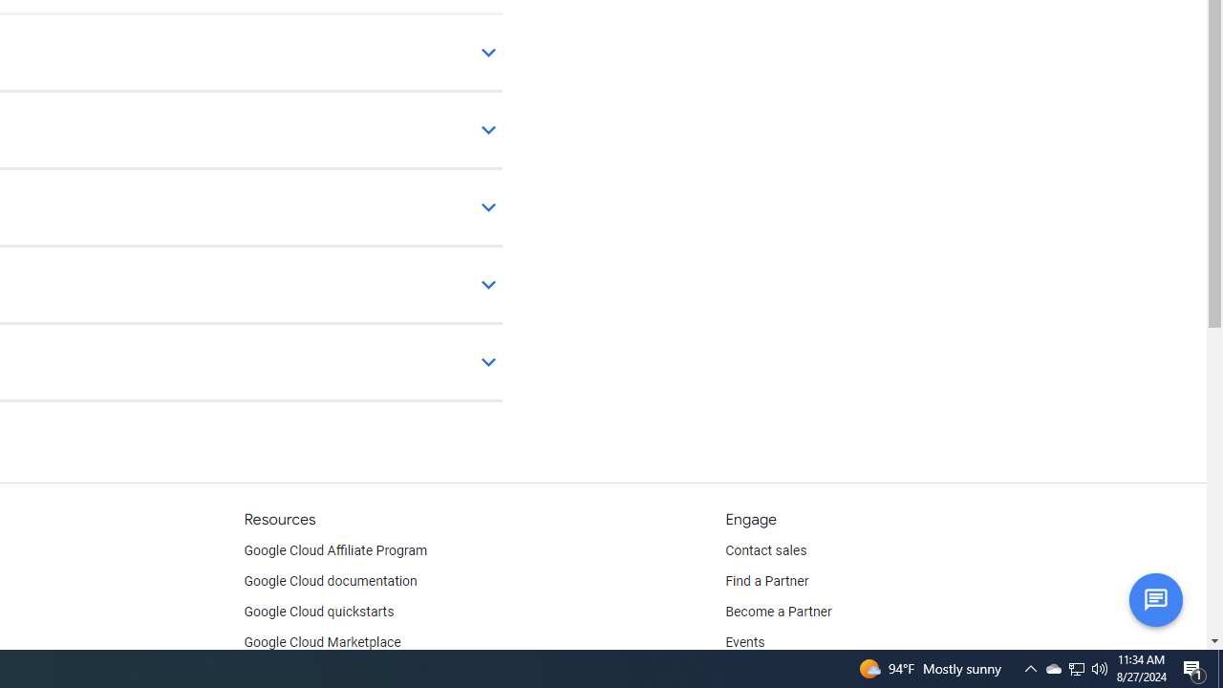 The image size is (1223, 688). Describe the element at coordinates (744, 642) in the screenshot. I see `'Events'` at that location.